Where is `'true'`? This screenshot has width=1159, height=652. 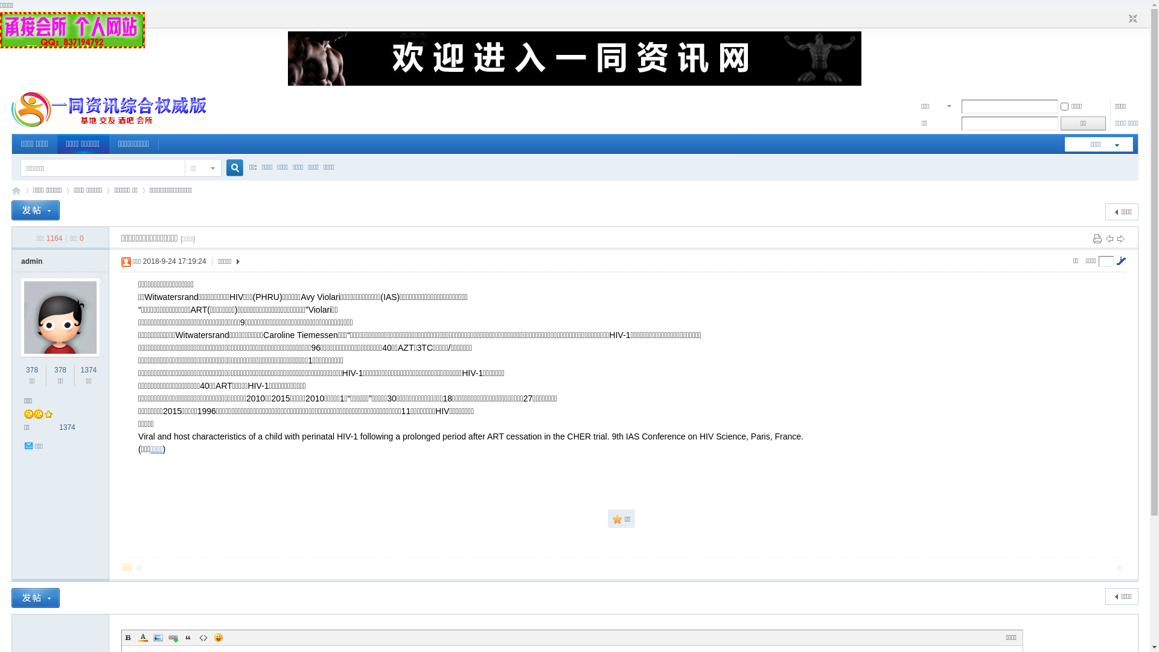
'true' is located at coordinates (230, 168).